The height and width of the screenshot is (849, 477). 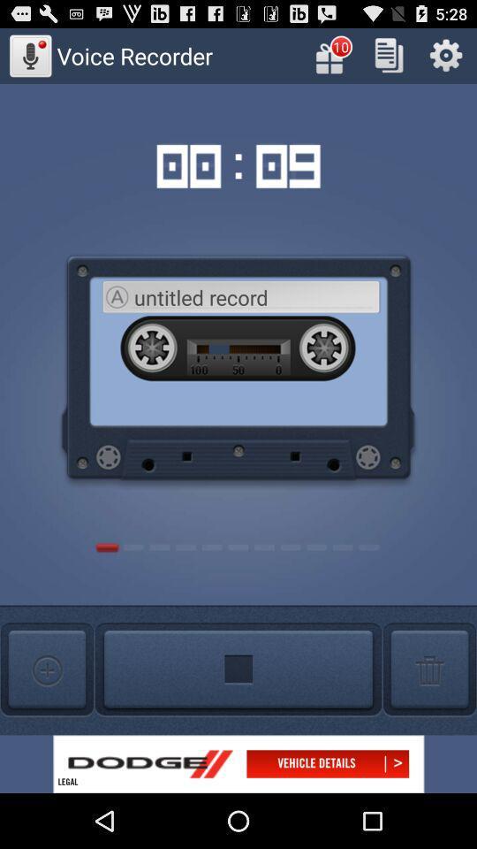 What do you see at coordinates (428, 669) in the screenshot?
I see `delete` at bounding box center [428, 669].